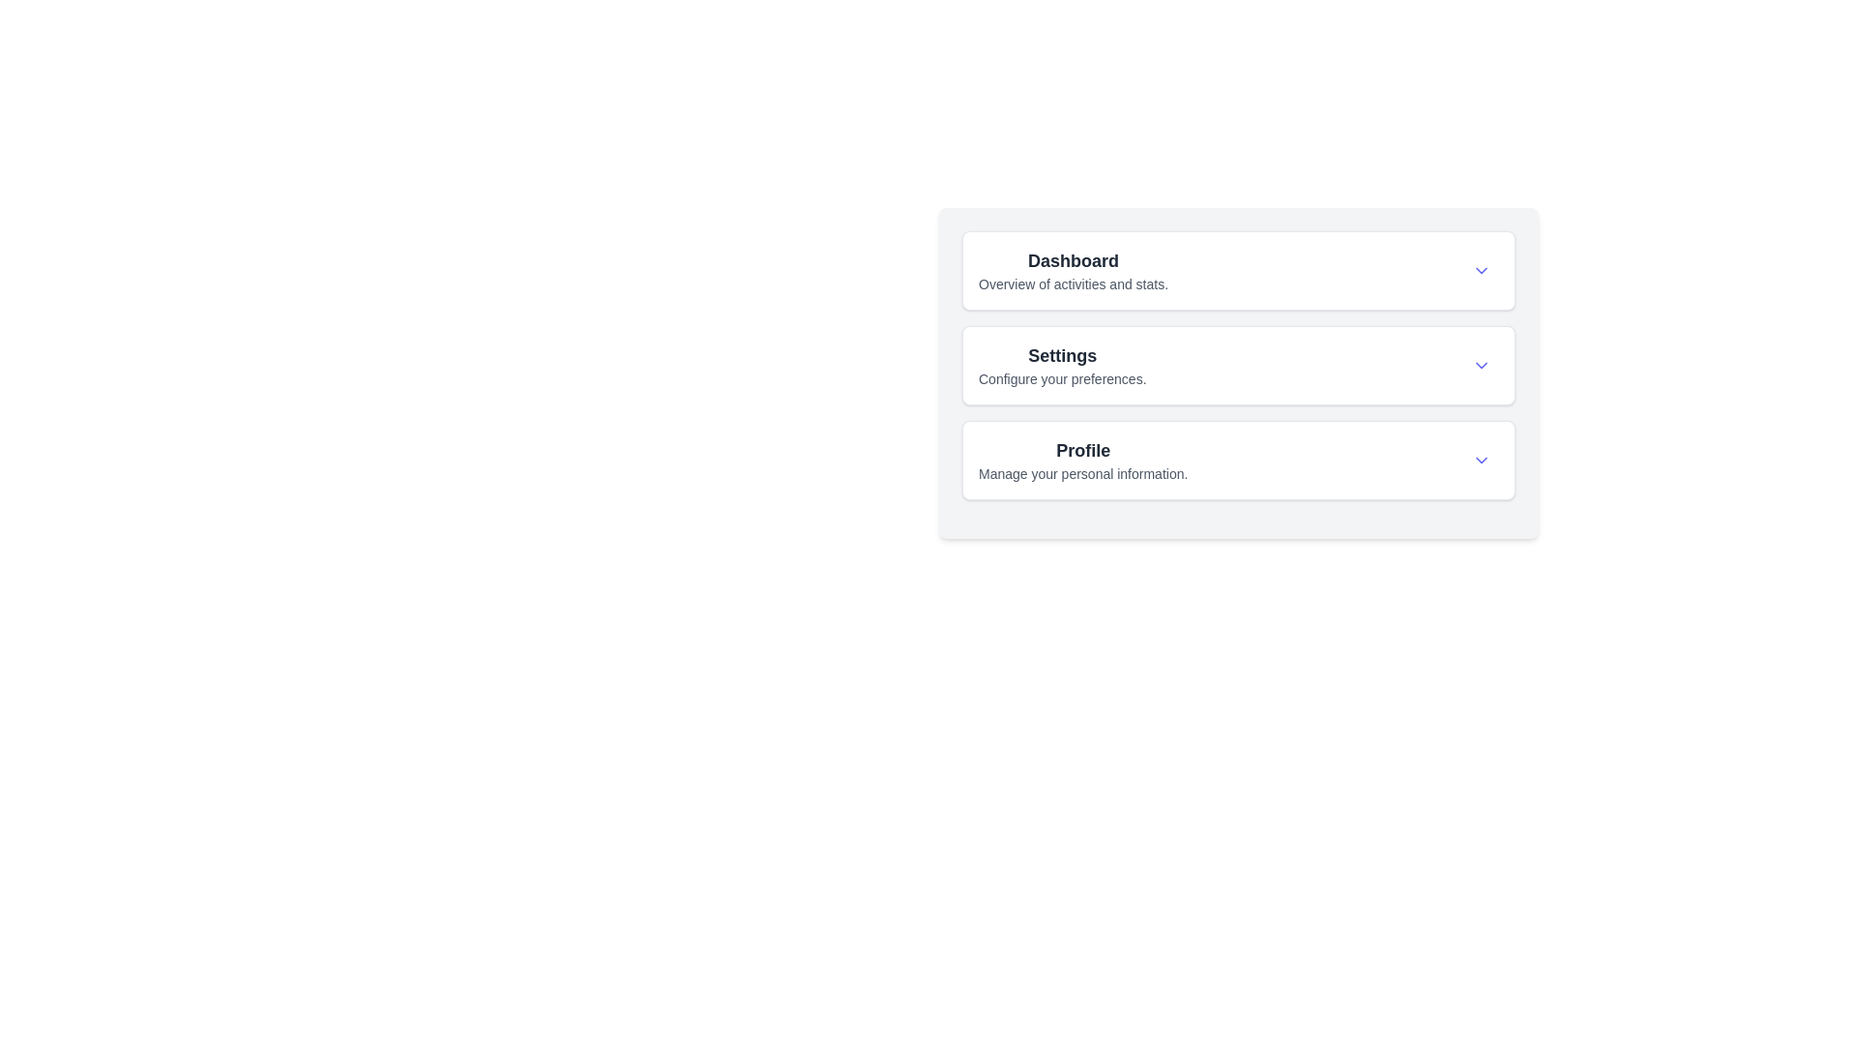  What do you see at coordinates (1480, 271) in the screenshot?
I see `the toggle button icon located in the top-right corner of the 'Dashboard' section` at bounding box center [1480, 271].